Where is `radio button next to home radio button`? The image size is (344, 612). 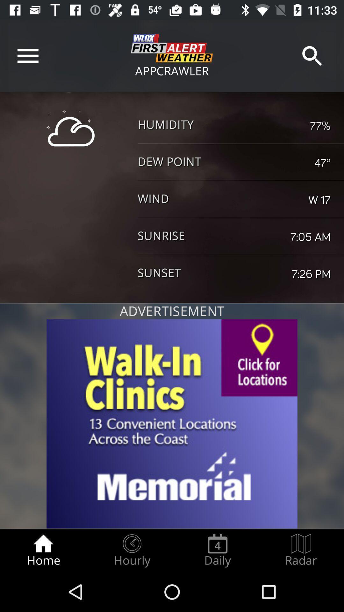 radio button next to home radio button is located at coordinates (132, 550).